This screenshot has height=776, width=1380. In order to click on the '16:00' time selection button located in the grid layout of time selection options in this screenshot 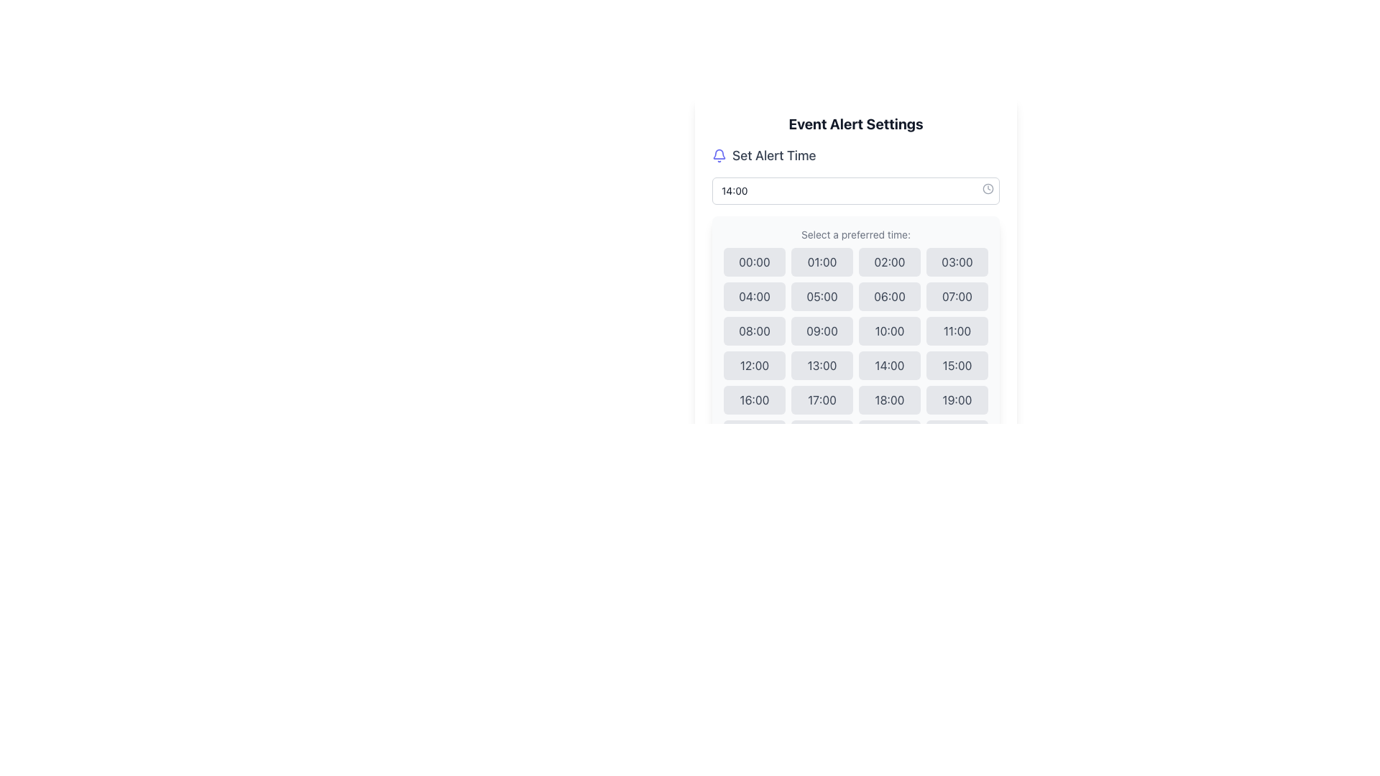, I will do `click(754, 399)`.